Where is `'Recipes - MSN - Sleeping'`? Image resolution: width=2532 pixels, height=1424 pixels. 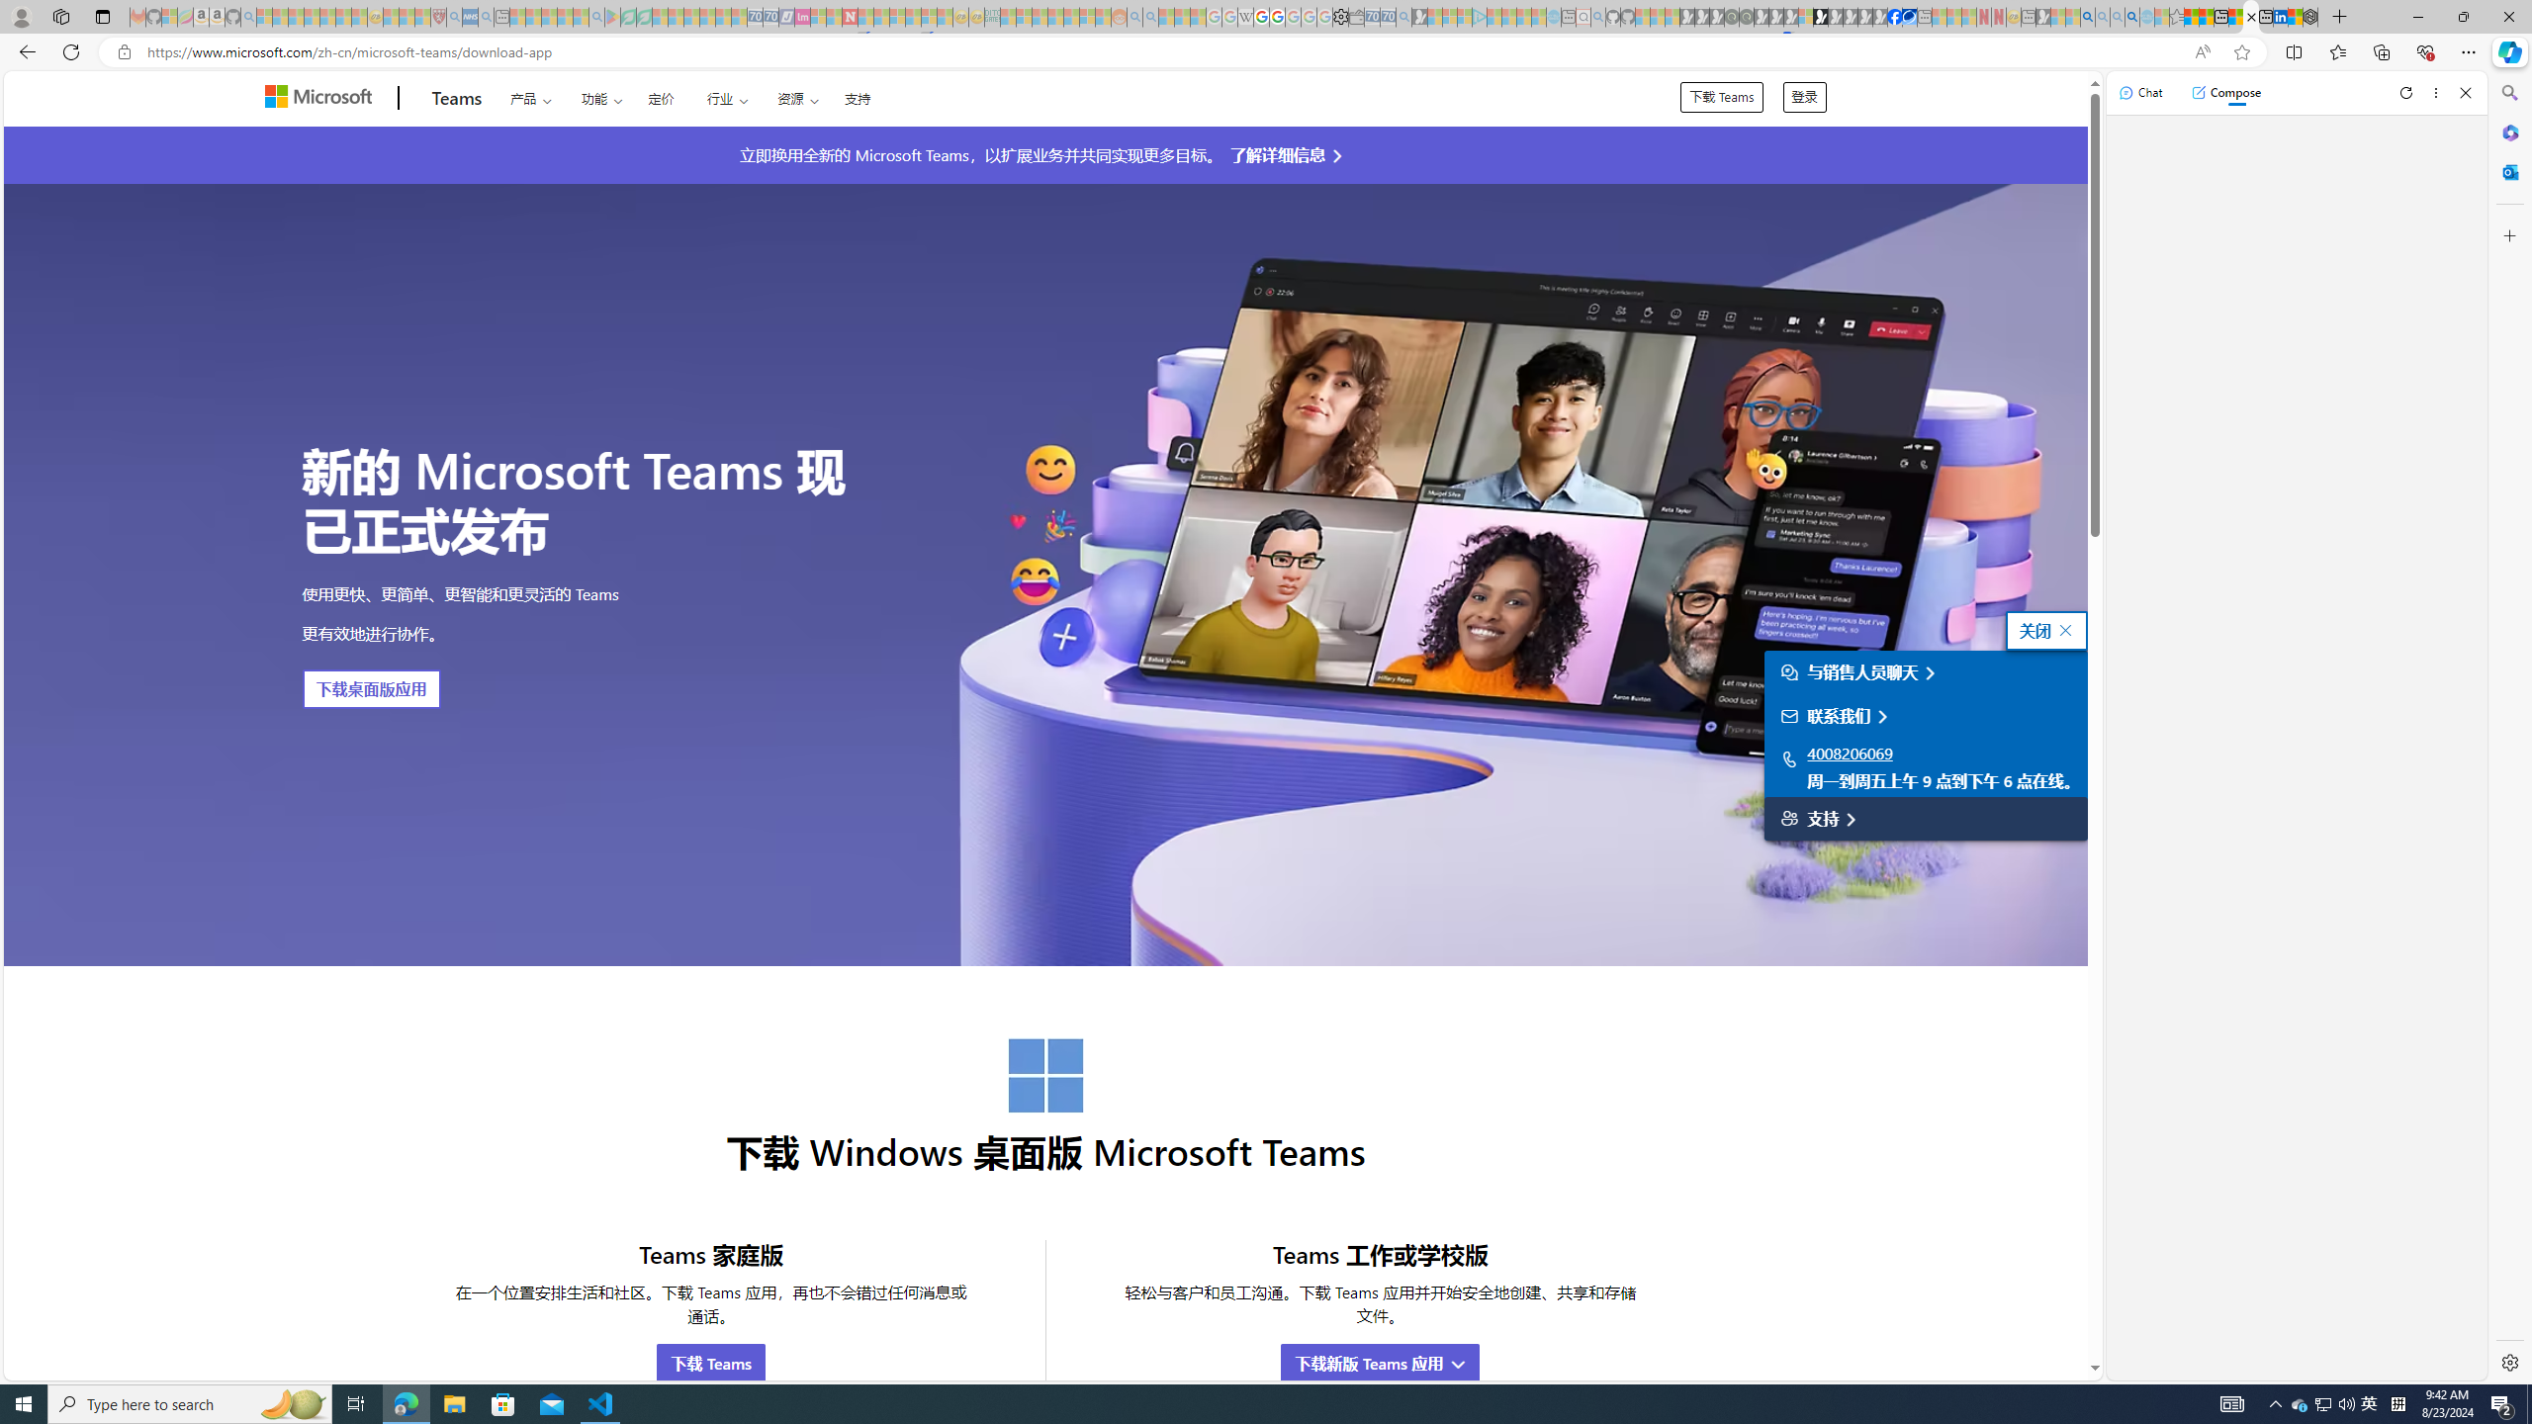 'Recipes - MSN - Sleeping' is located at coordinates (391, 16).